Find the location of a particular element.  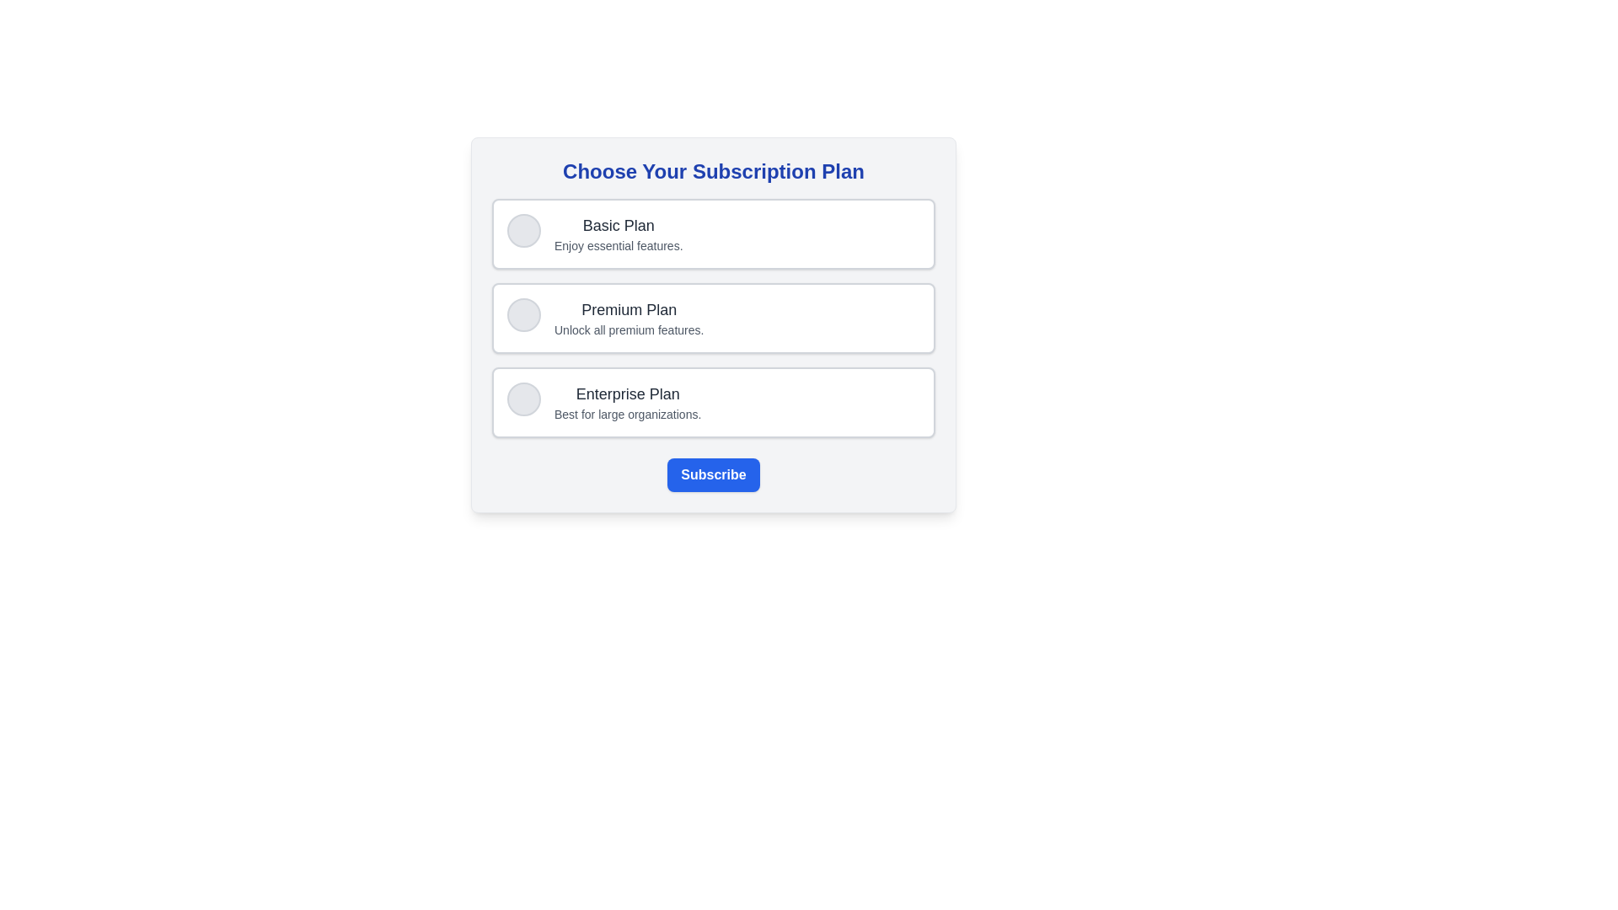

the 'Premium Plan' title and description text block, which is the primary content in the second option of the subscription plan selection interface is located at coordinates (628, 318).